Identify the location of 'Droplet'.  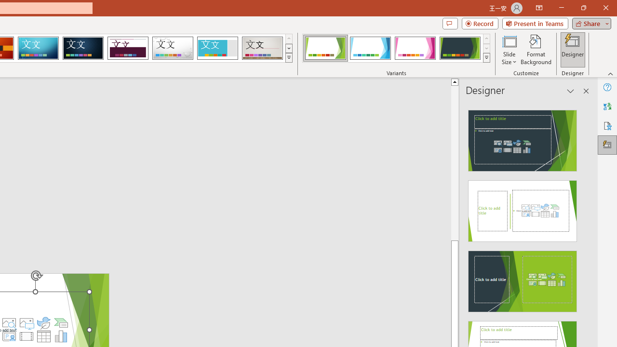
(173, 48).